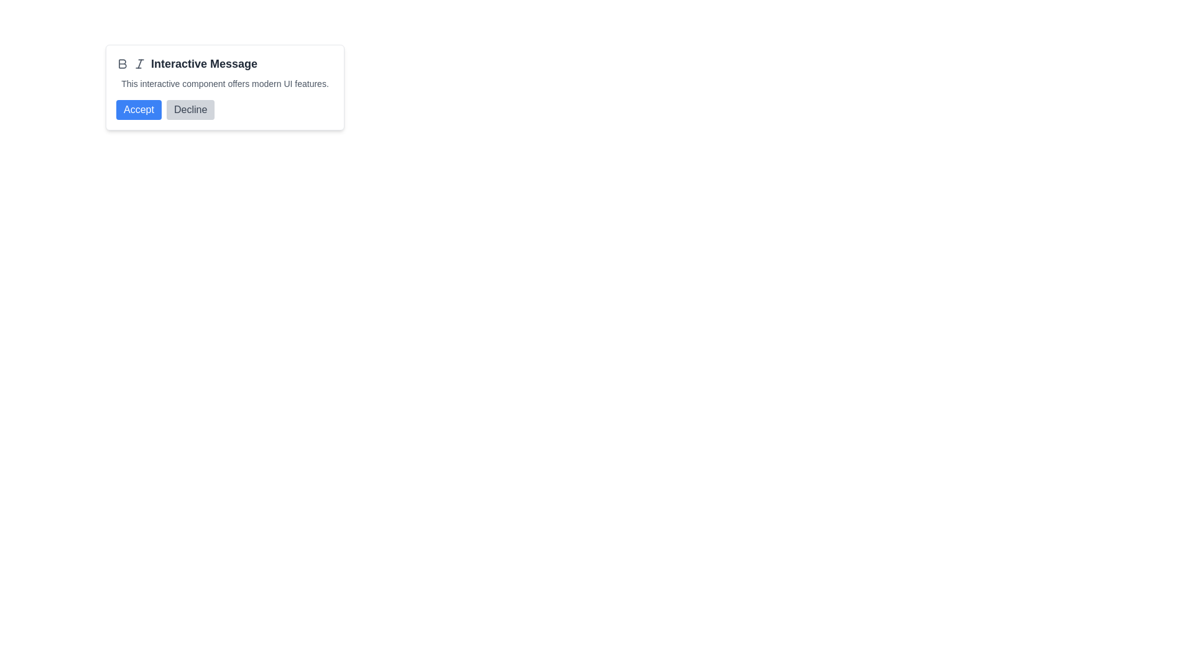 The image size is (1194, 671). What do you see at coordinates (123, 64) in the screenshot?
I see `the decorative SVG icon located in the leftmost section of the top header of the card` at bounding box center [123, 64].